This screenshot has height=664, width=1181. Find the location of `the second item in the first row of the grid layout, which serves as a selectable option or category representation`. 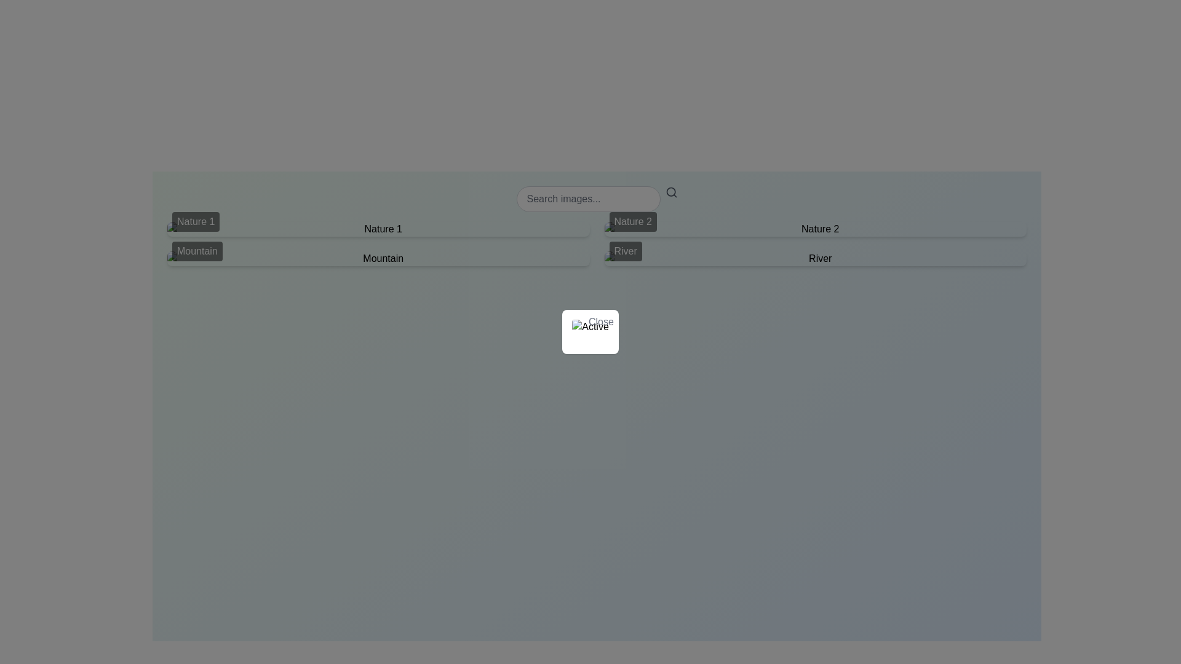

the second item in the first row of the grid layout, which serves as a selectable option or category representation is located at coordinates (815, 229).